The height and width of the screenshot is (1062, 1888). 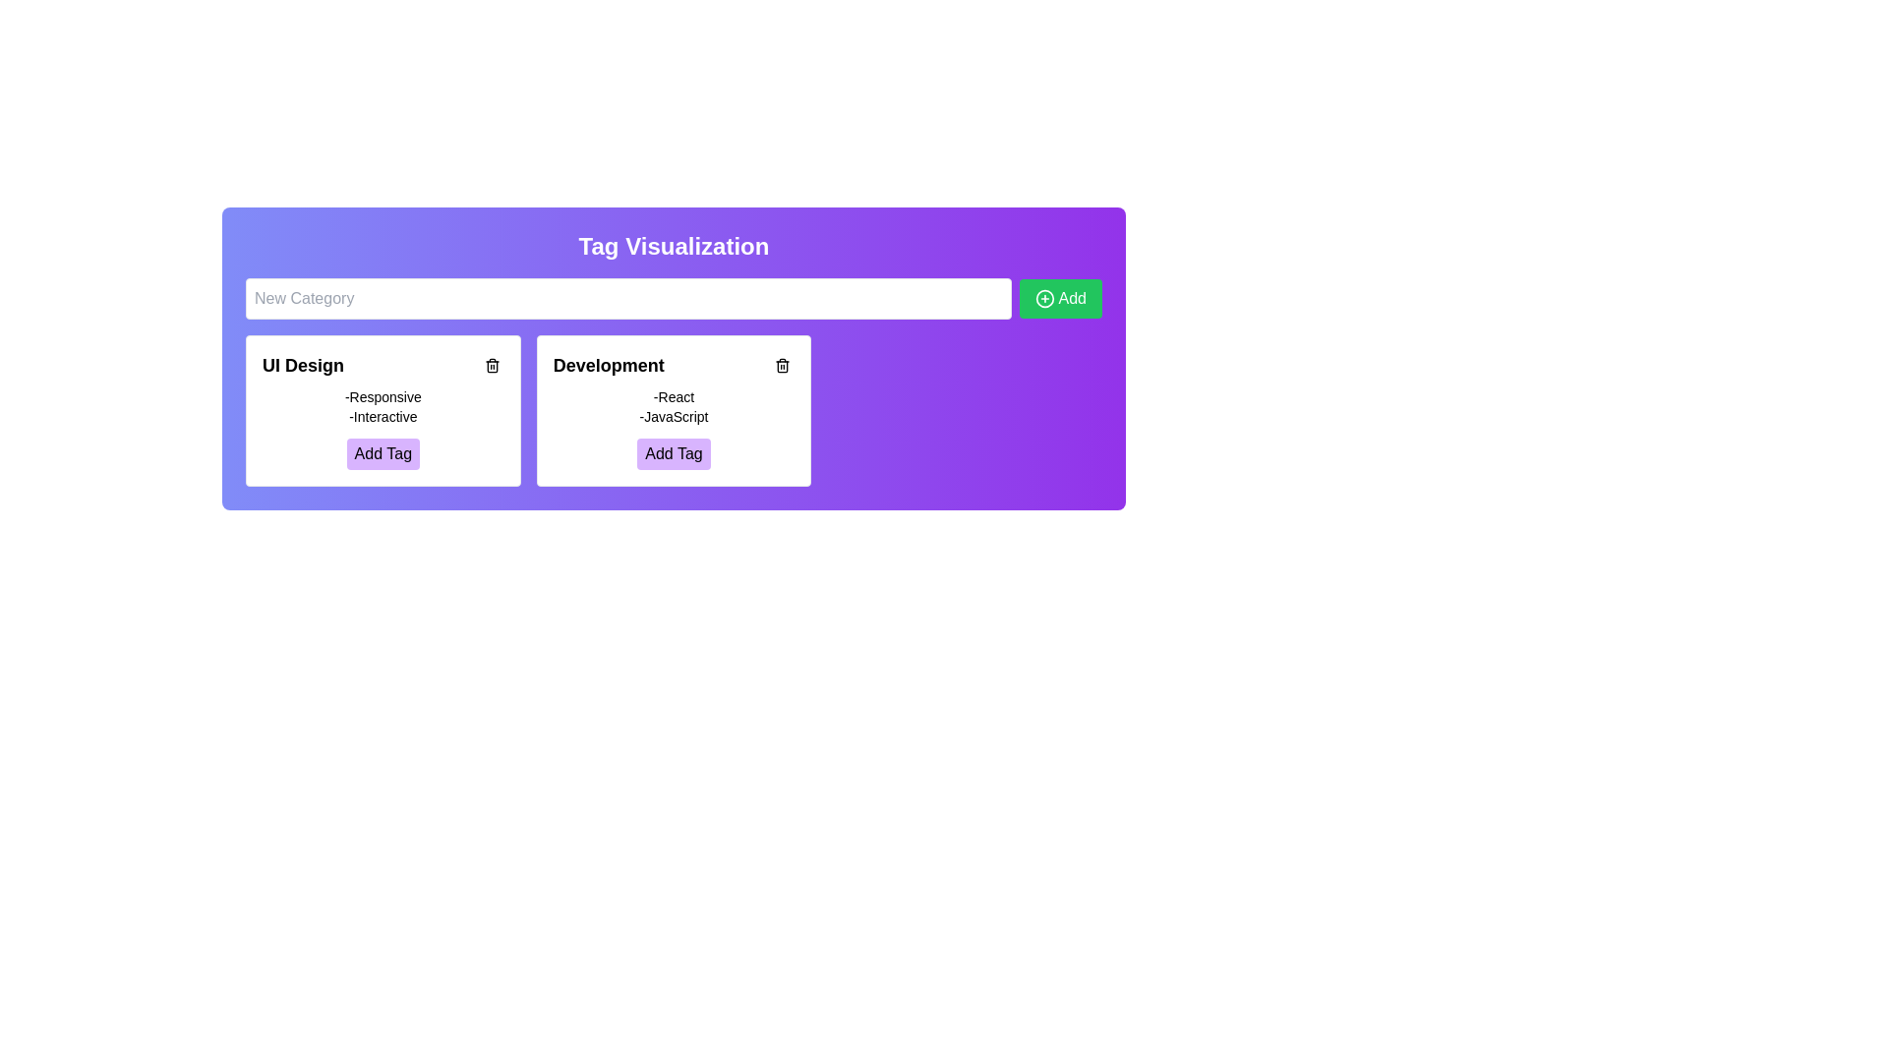 What do you see at coordinates (674, 416) in the screenshot?
I see `the text label that describes a tag associated with the 'Development' category, located below the text '-React'` at bounding box center [674, 416].